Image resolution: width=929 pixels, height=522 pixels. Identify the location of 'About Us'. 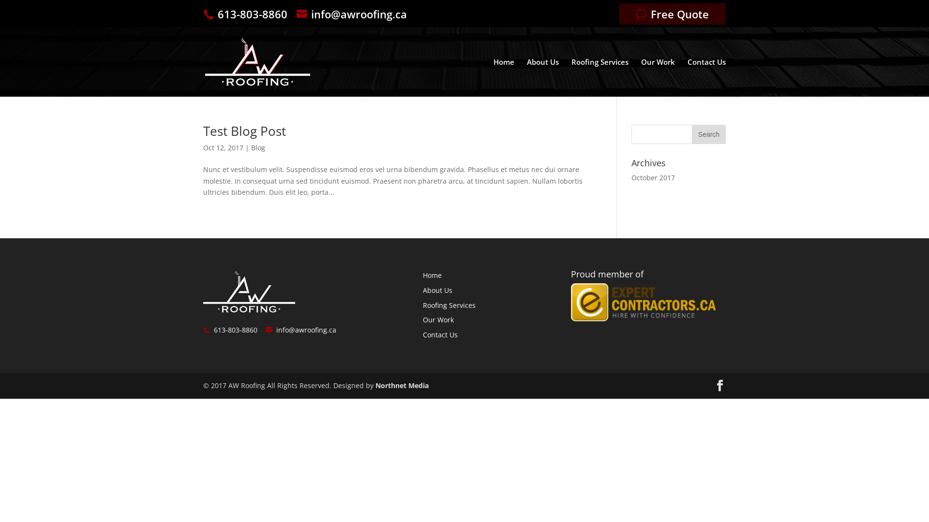
(437, 290).